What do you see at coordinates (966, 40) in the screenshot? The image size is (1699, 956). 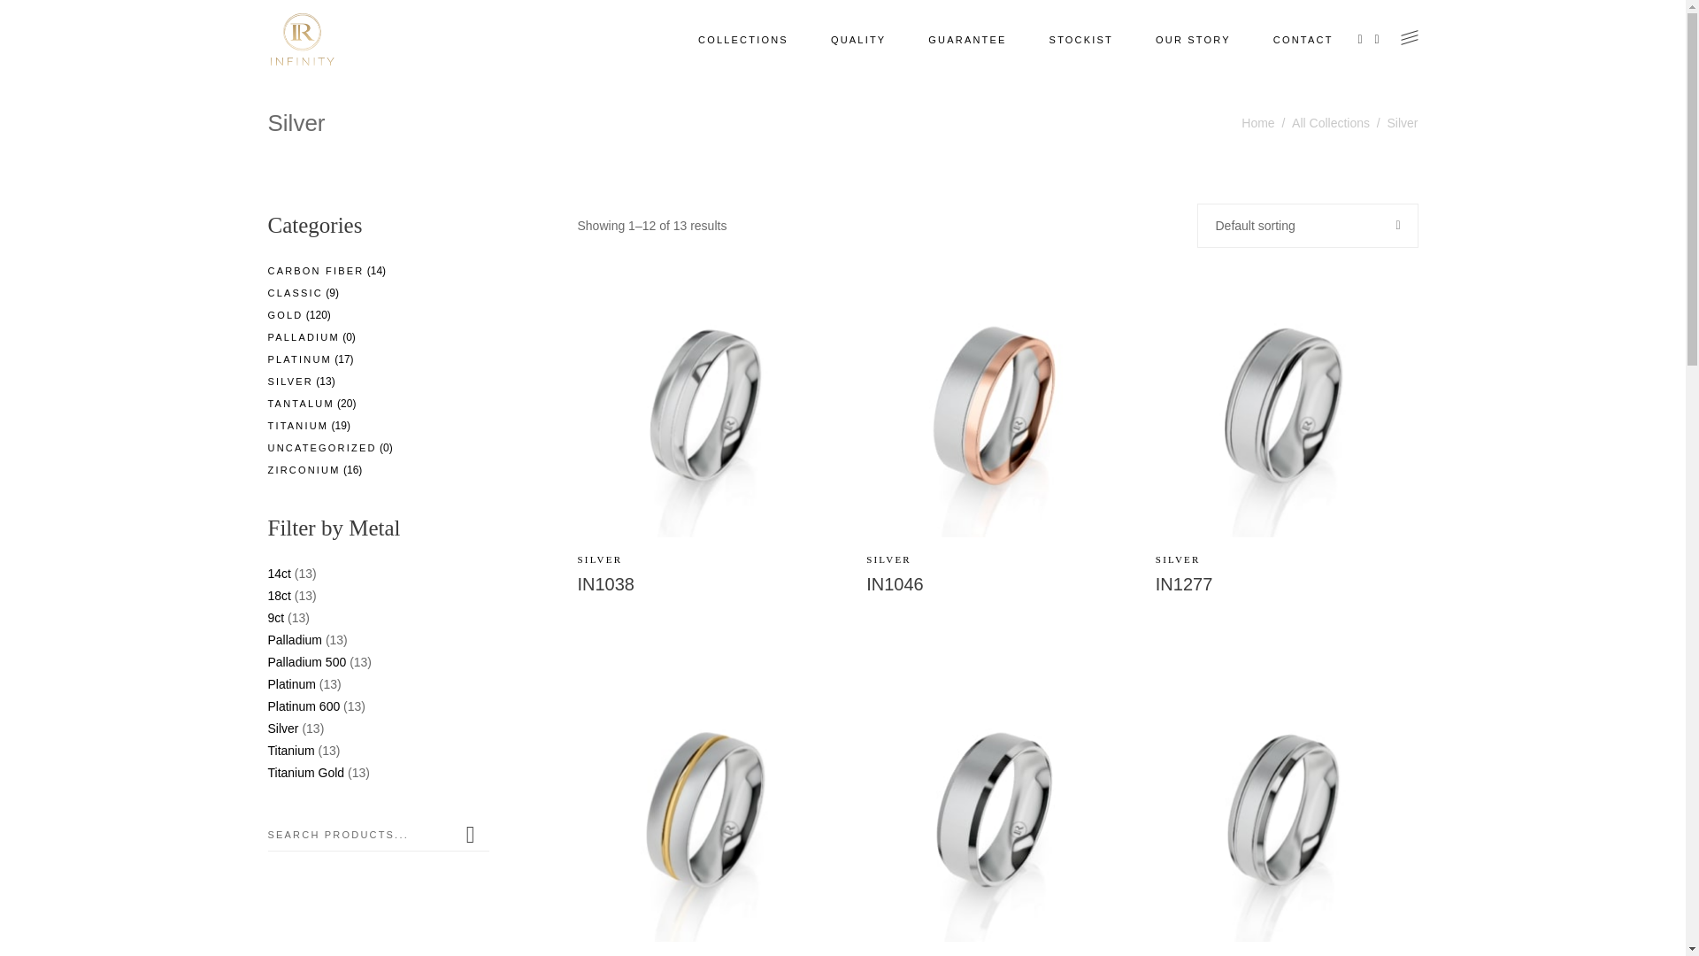 I see `'GUARANTEE'` at bounding box center [966, 40].